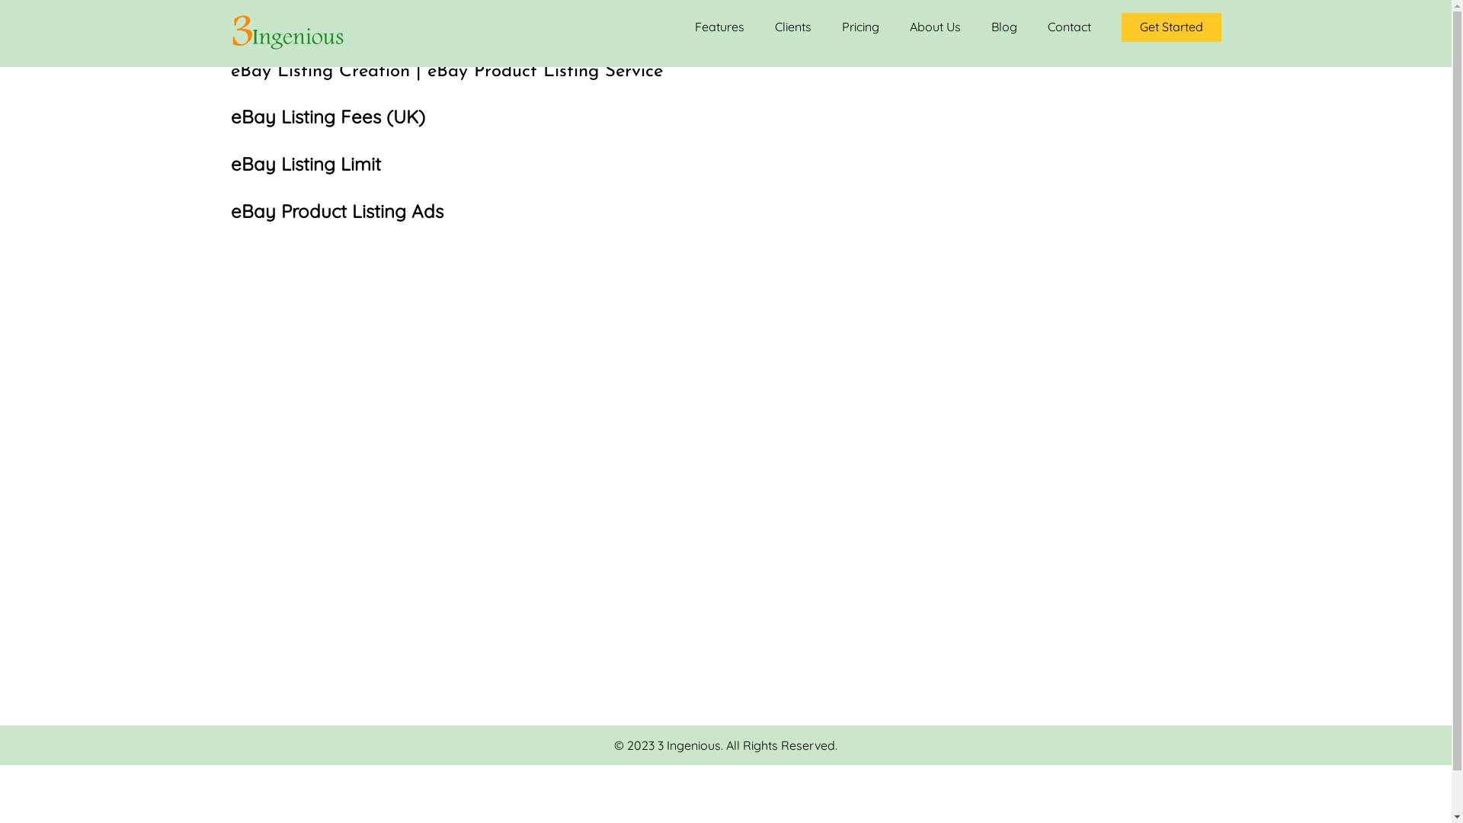 The image size is (1463, 823). I want to click on 'Pricing', so click(860, 27).